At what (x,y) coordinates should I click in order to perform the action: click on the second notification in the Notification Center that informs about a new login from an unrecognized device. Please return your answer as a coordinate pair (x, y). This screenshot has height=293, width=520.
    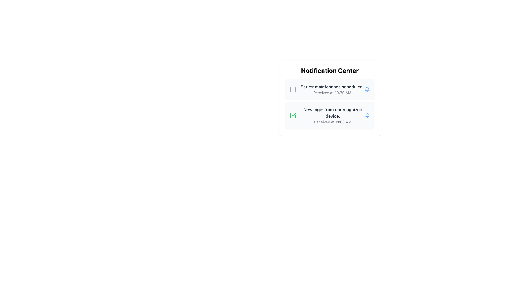
    Looking at the image, I should click on (333, 115).